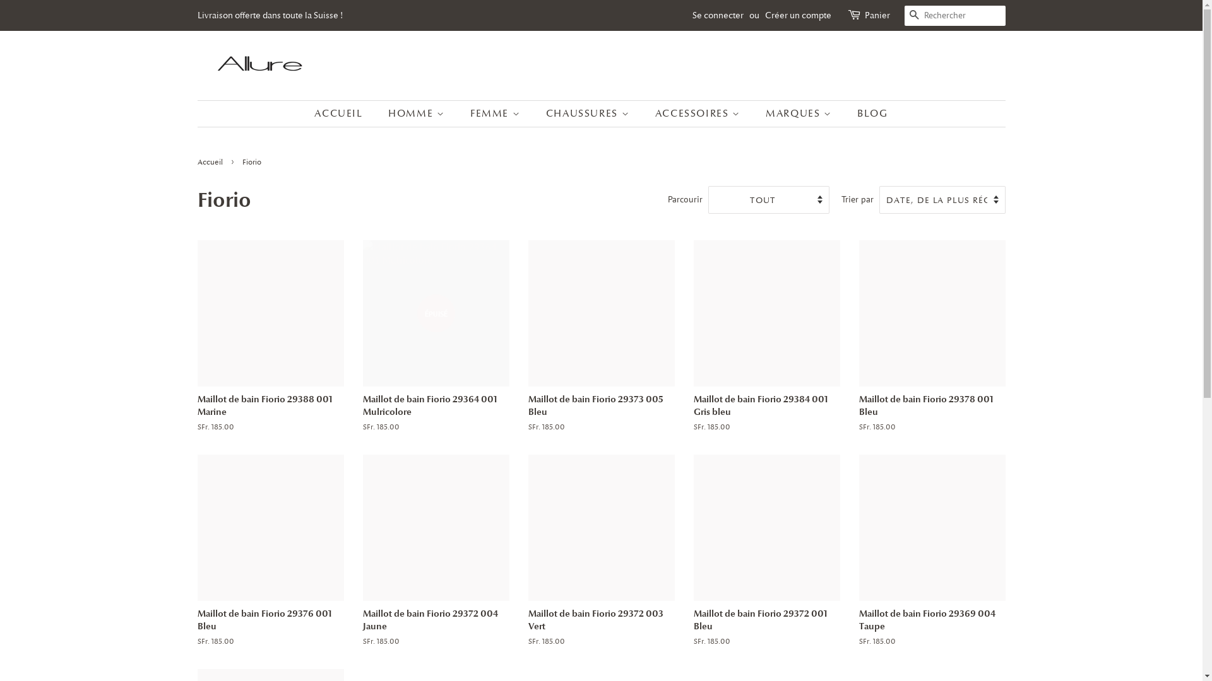 This screenshot has height=681, width=1212. What do you see at coordinates (536, 113) in the screenshot?
I see `'CHAUSSURES'` at bounding box center [536, 113].